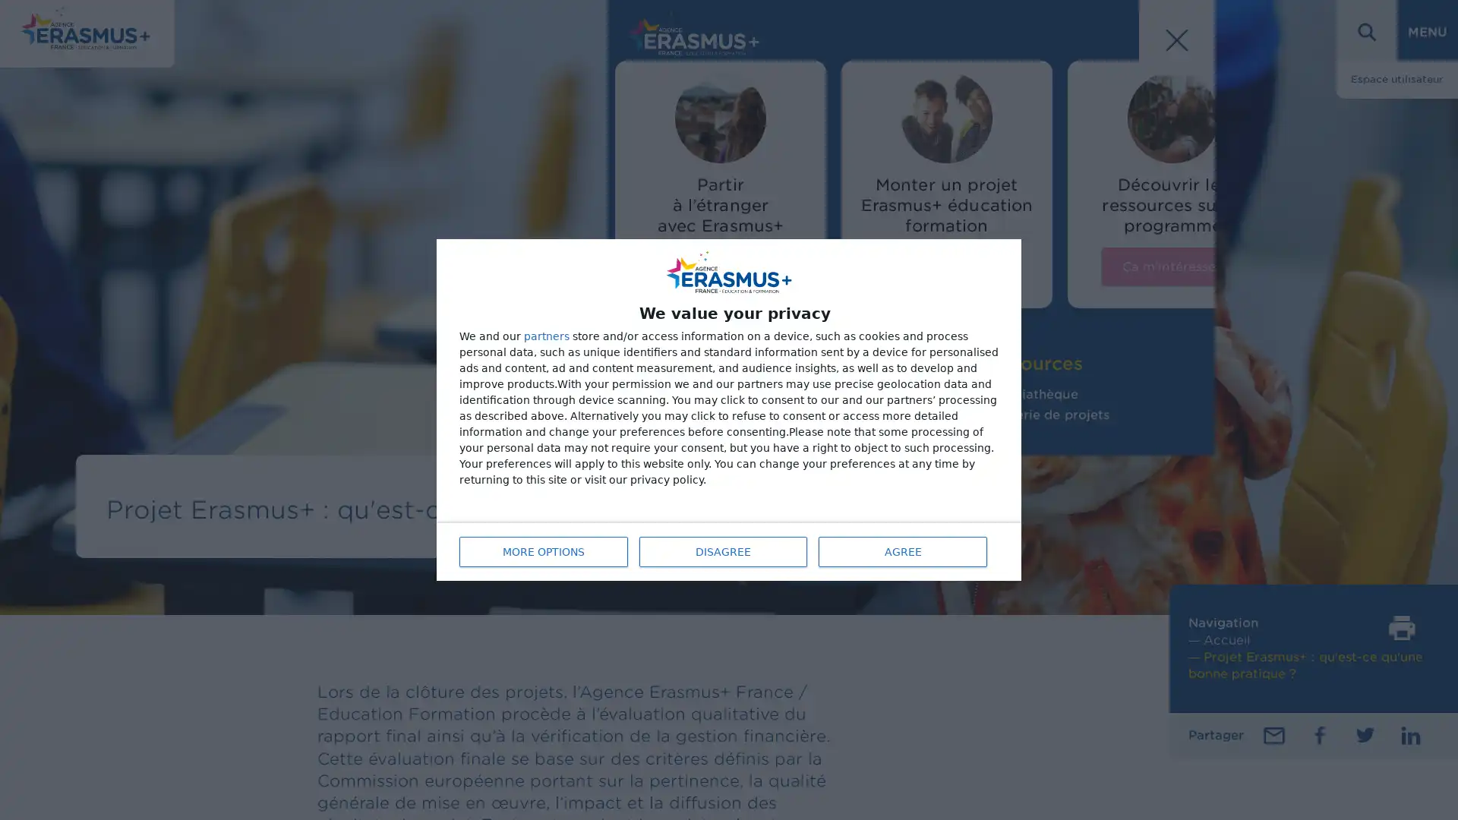  I want to click on MORE OPTIONS, so click(543, 550).